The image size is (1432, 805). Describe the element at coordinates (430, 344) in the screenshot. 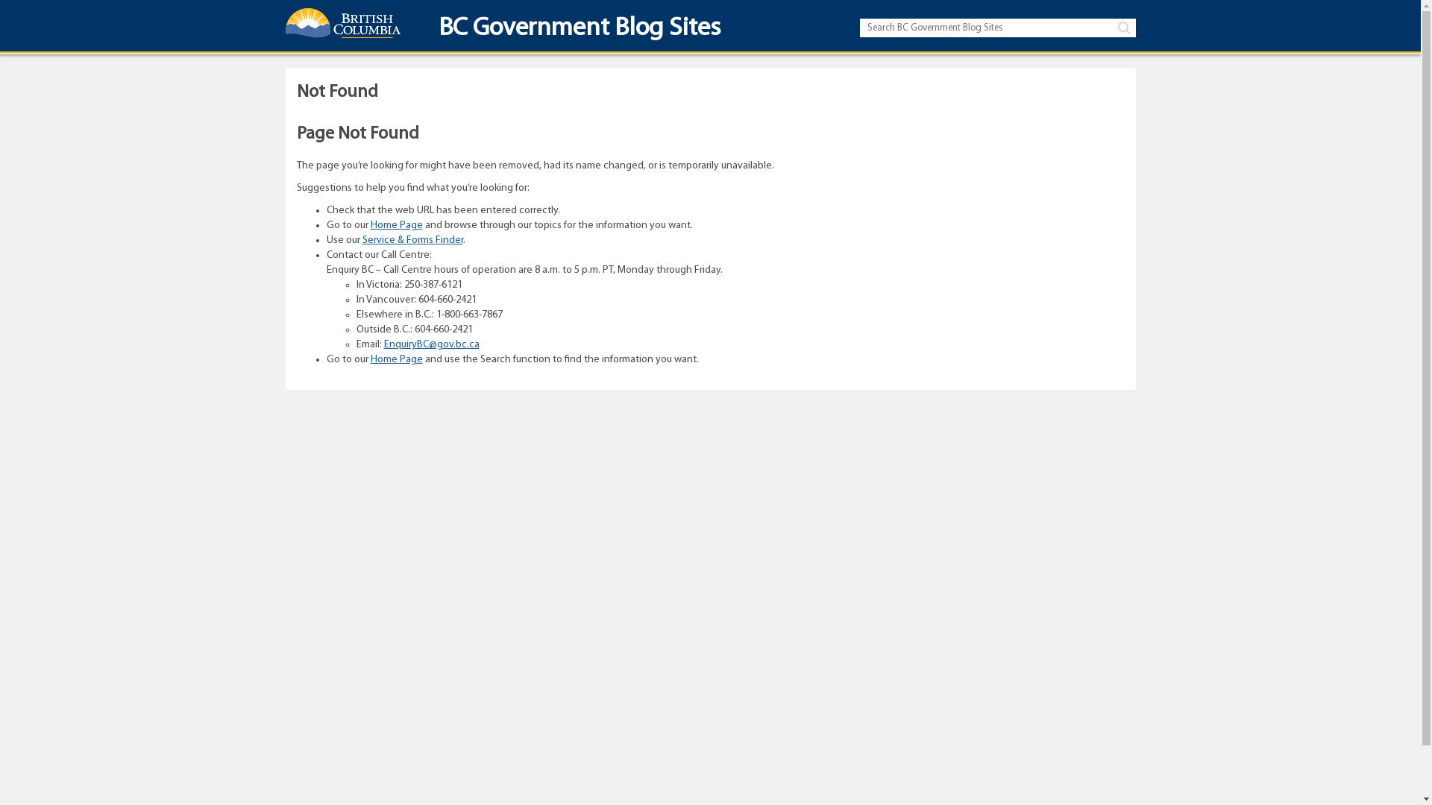

I see `'EnquiryBC@gov.bc.ca'` at that location.